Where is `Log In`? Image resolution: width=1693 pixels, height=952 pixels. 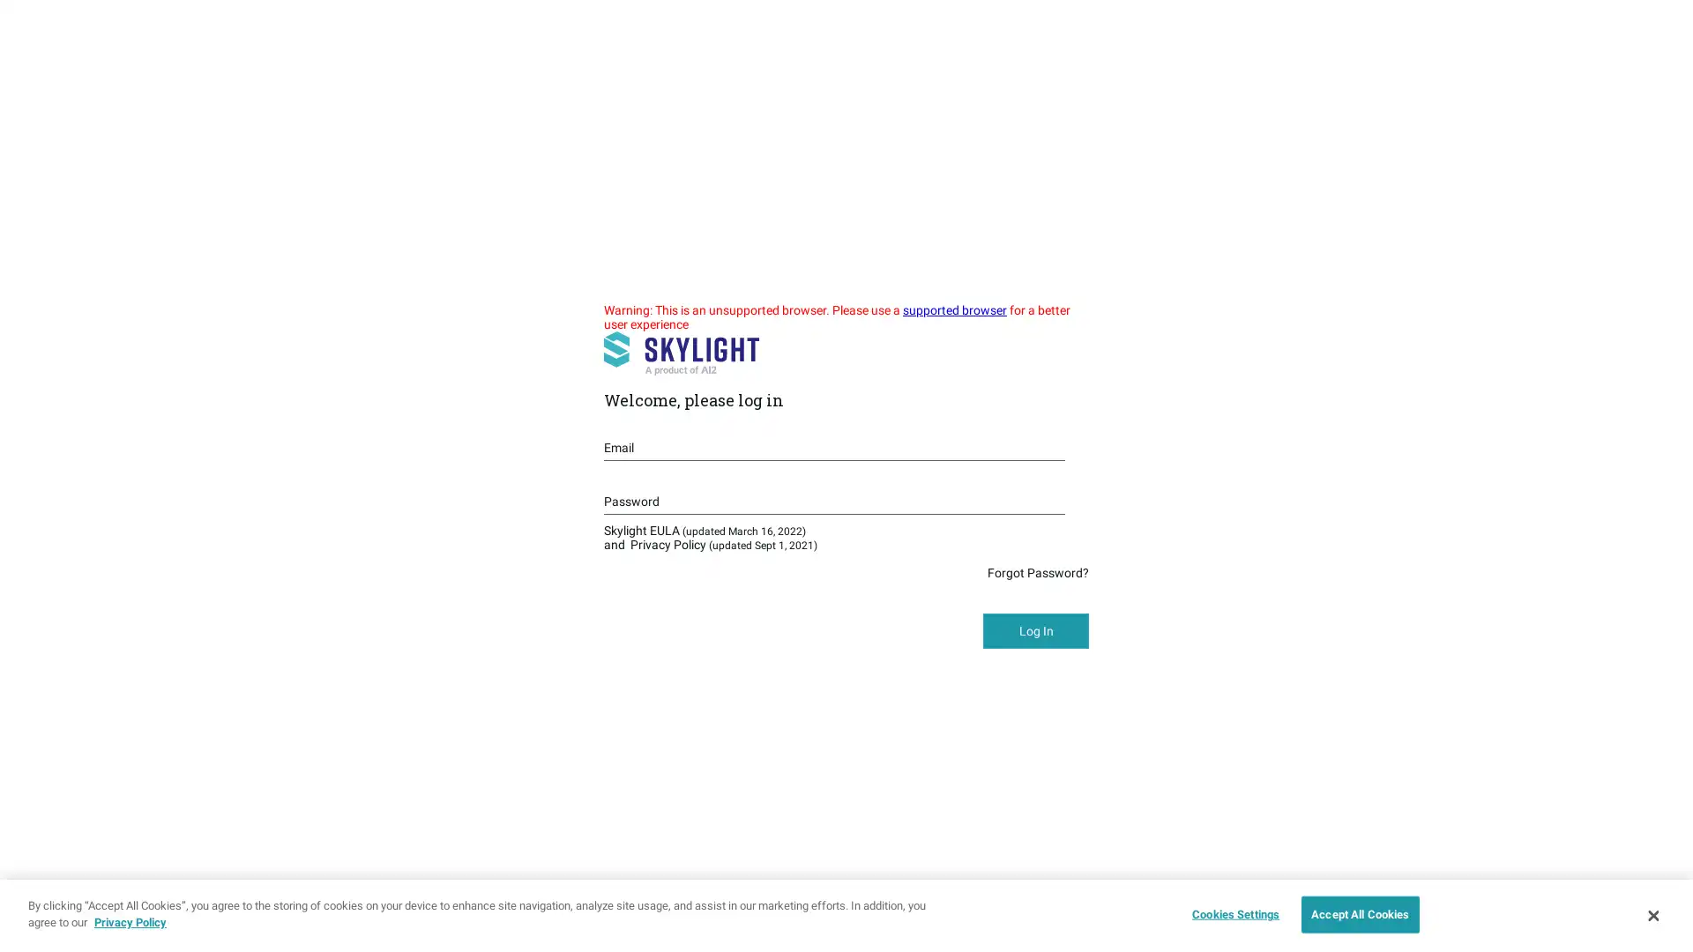 Log In is located at coordinates (1036, 630).